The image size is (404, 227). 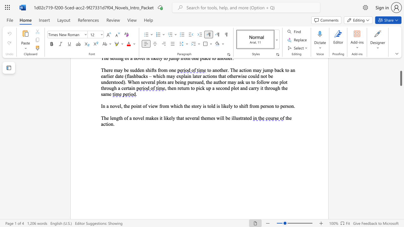 What do you see at coordinates (401, 78) in the screenshot?
I see `the scrollbar and move up 110 pixels` at bounding box center [401, 78].